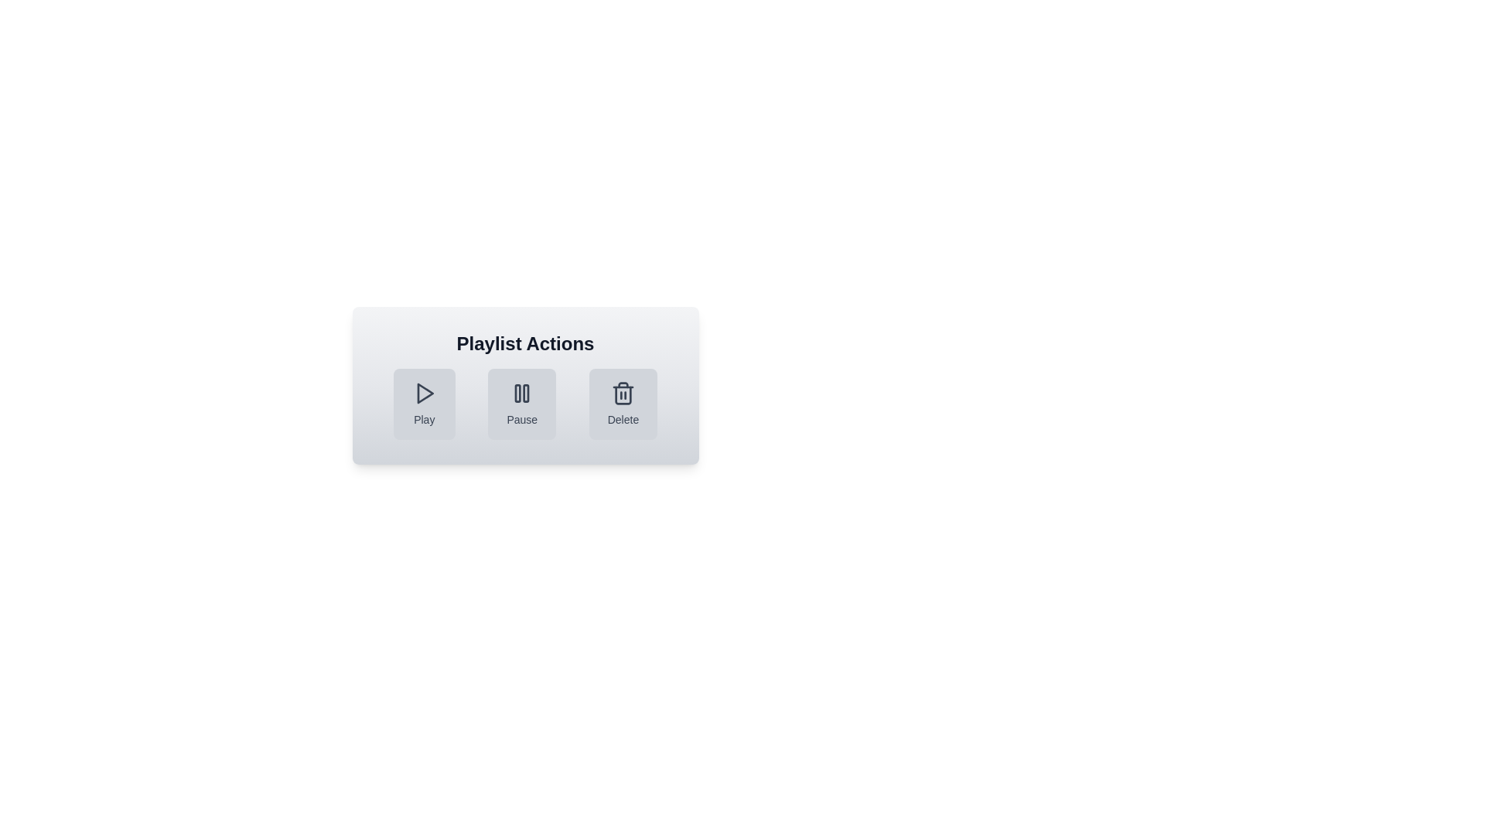 The height and width of the screenshot is (835, 1485). Describe the element at coordinates (424, 404) in the screenshot. I see `the Play button` at that location.